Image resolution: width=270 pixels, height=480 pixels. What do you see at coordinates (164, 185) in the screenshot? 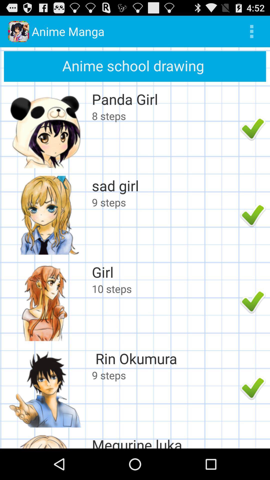
I see `icon above 9 steps item` at bounding box center [164, 185].